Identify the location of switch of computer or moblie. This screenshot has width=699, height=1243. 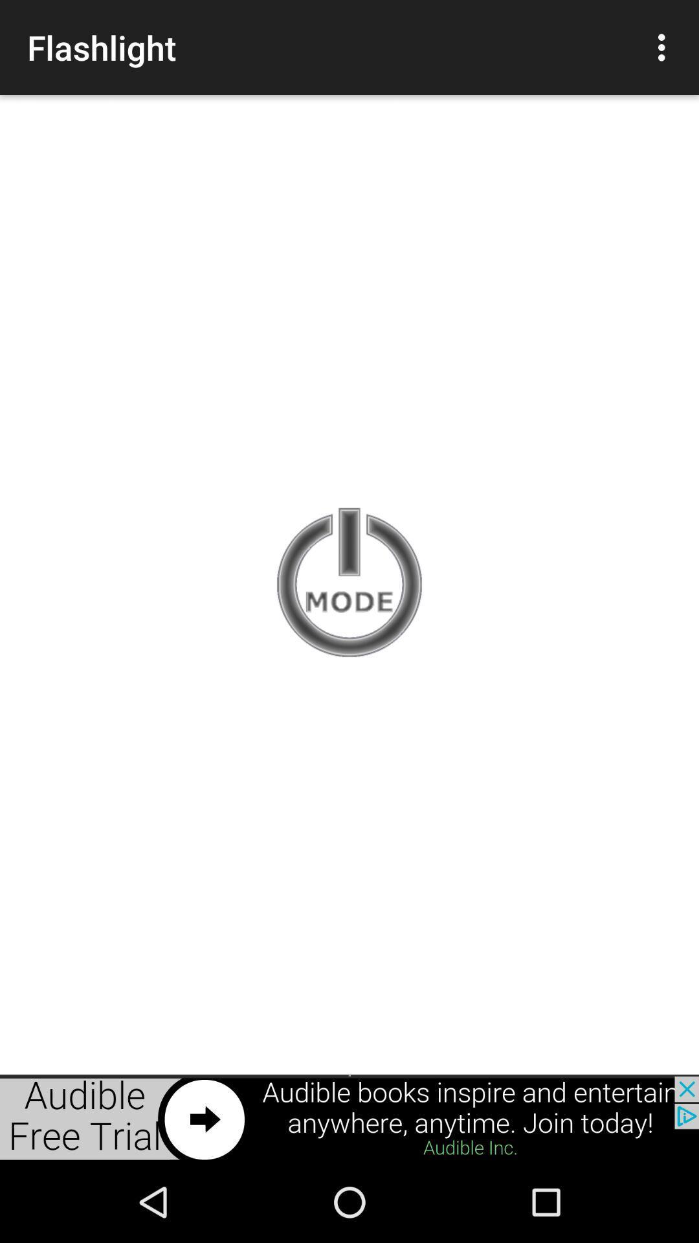
(349, 583).